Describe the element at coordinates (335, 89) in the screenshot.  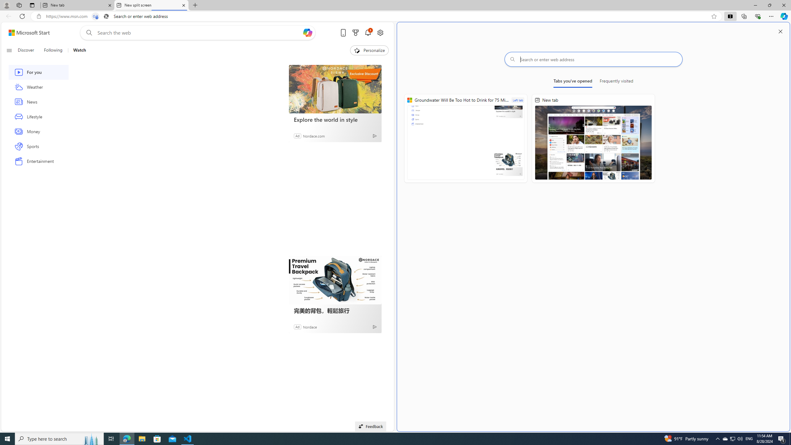
I see `'Explore the world in style'` at that location.